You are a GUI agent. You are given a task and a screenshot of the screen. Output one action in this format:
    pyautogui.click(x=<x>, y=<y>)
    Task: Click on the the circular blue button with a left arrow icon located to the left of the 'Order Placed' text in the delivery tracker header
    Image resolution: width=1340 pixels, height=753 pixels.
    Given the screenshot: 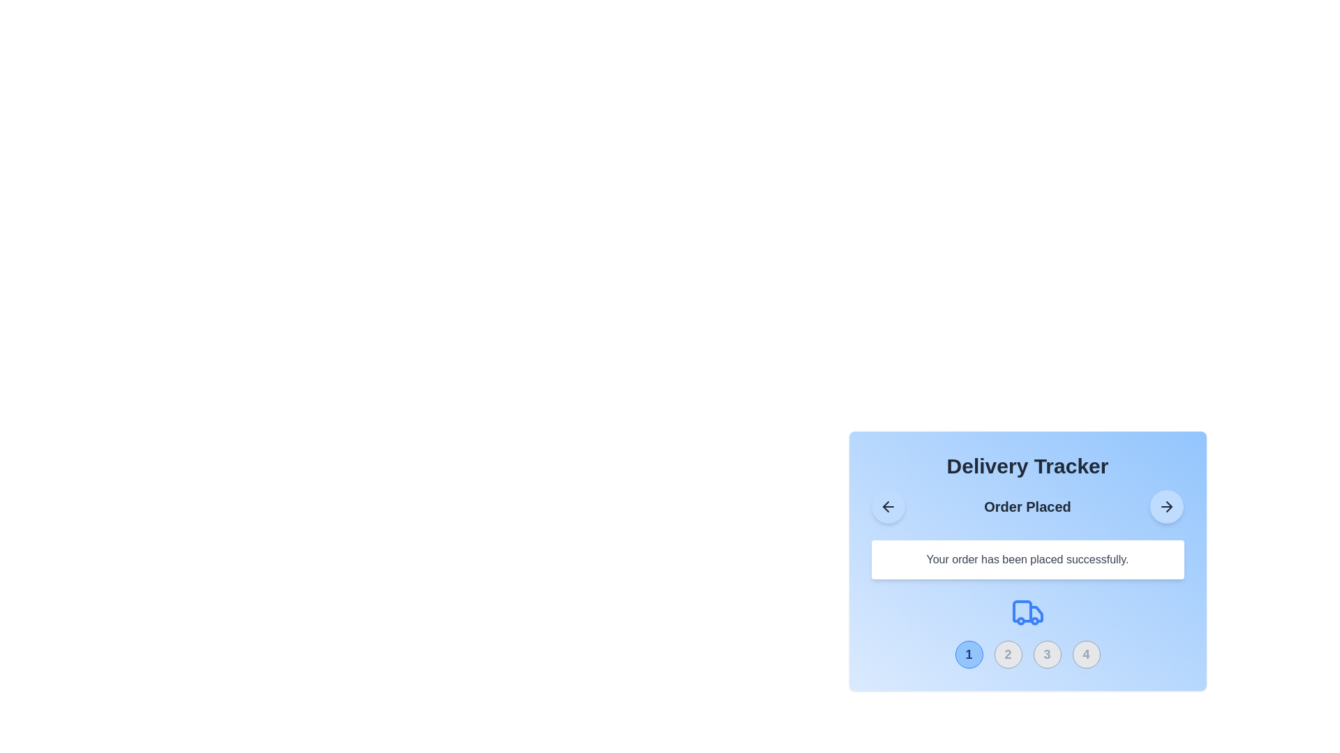 What is the action you would take?
    pyautogui.click(x=887, y=506)
    